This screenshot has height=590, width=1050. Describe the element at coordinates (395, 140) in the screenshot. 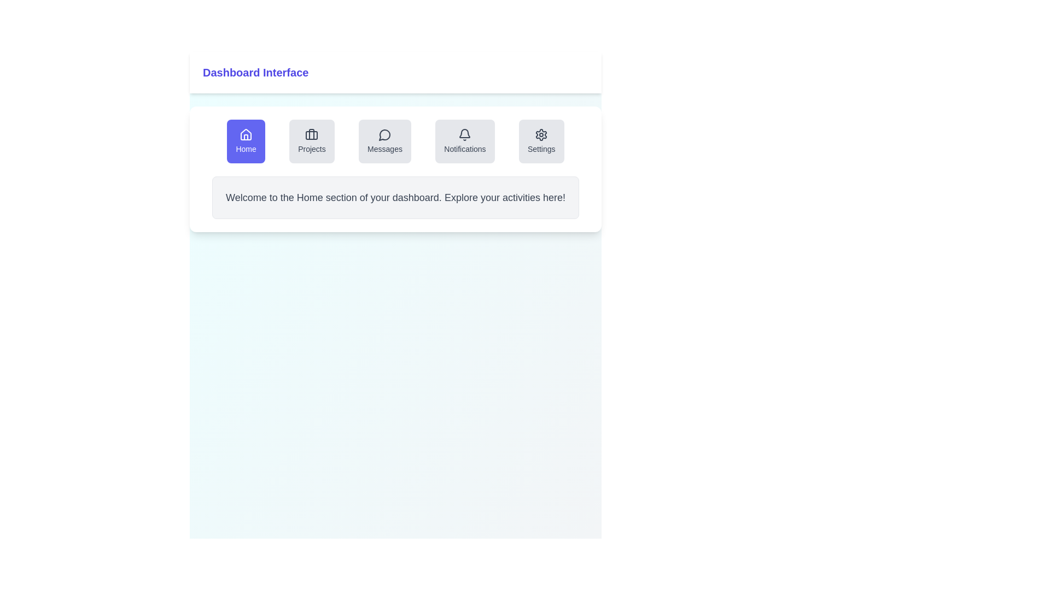

I see `the button in the navigation bar` at that location.